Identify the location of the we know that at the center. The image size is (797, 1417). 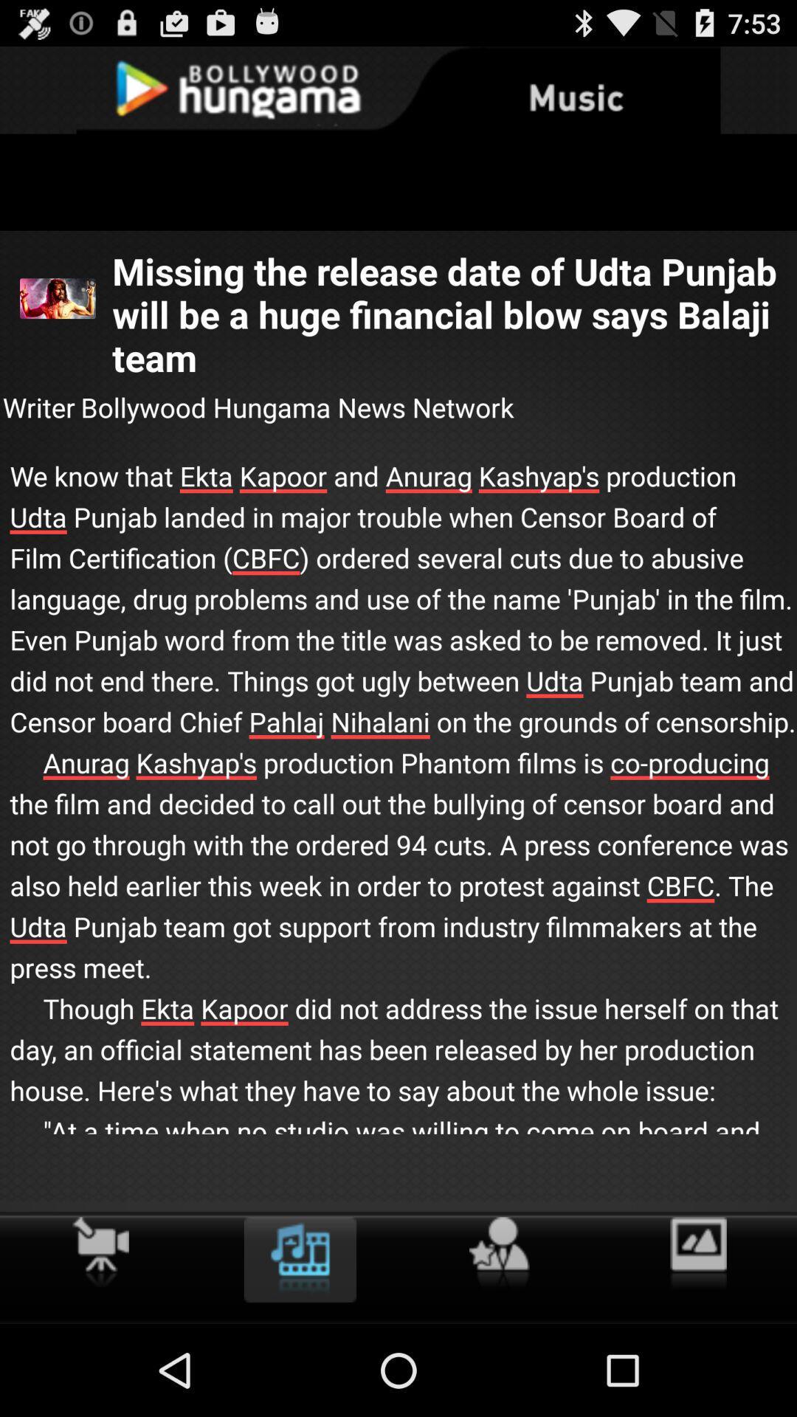
(398, 819).